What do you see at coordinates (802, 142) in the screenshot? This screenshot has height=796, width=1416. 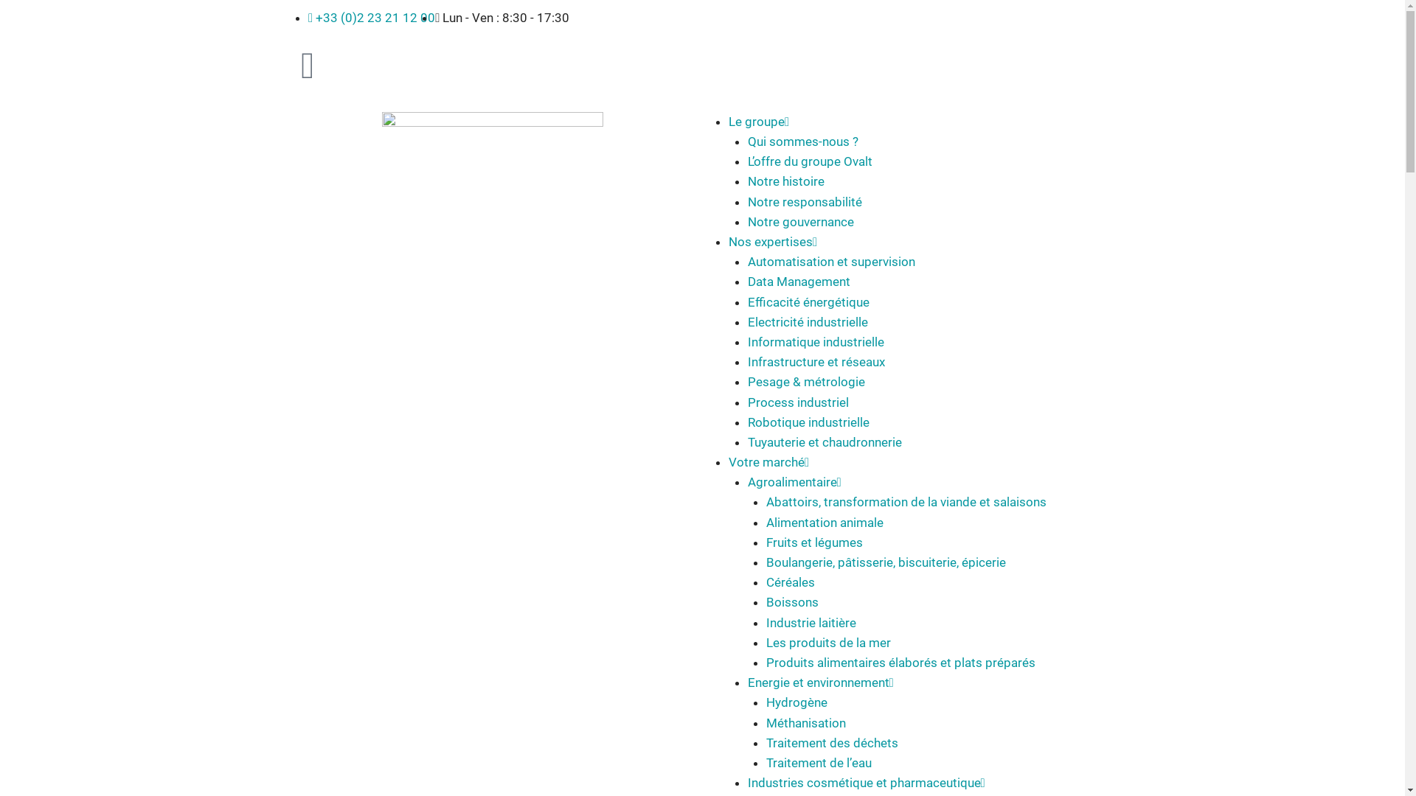 I see `'Qui sommes-nous ?'` at bounding box center [802, 142].